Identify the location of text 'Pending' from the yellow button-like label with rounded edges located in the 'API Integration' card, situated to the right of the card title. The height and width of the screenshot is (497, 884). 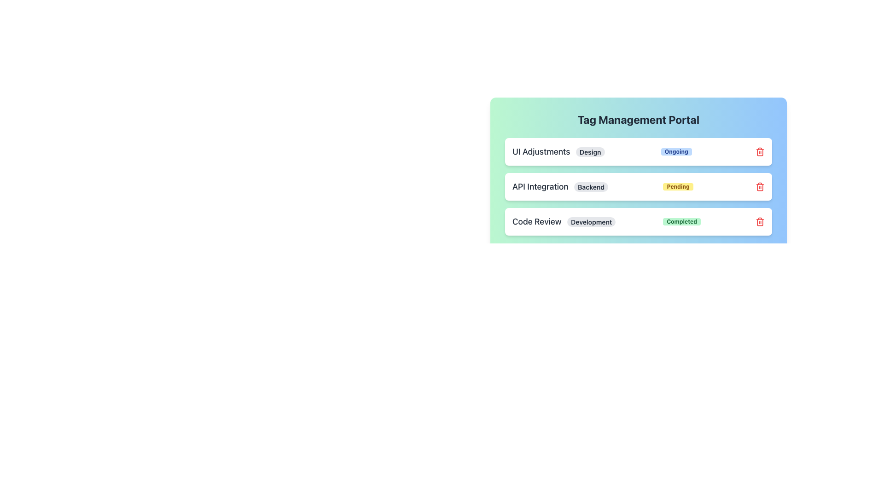
(678, 186).